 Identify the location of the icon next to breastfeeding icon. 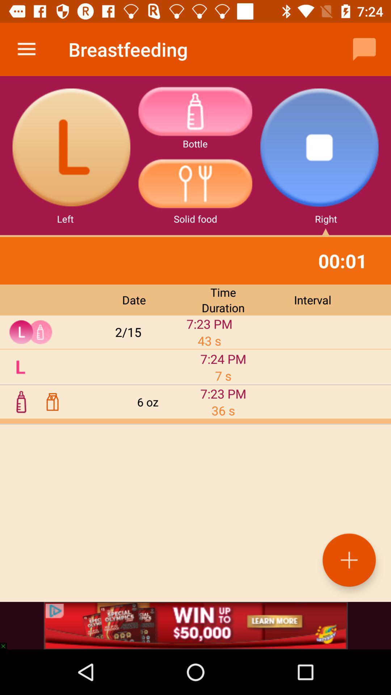
(26, 49).